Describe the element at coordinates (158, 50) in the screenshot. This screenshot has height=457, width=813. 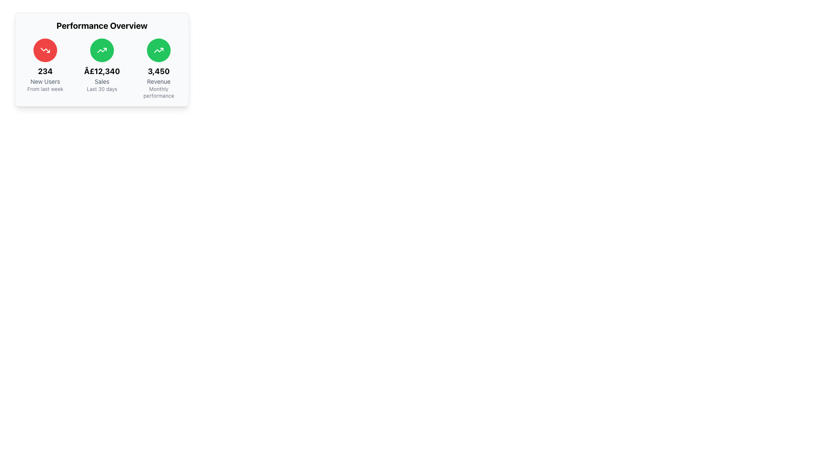
I see `the small vector icon depicting an upward-trending line graph with an arrow at the top right, which symbolizes an increase or growth` at that location.